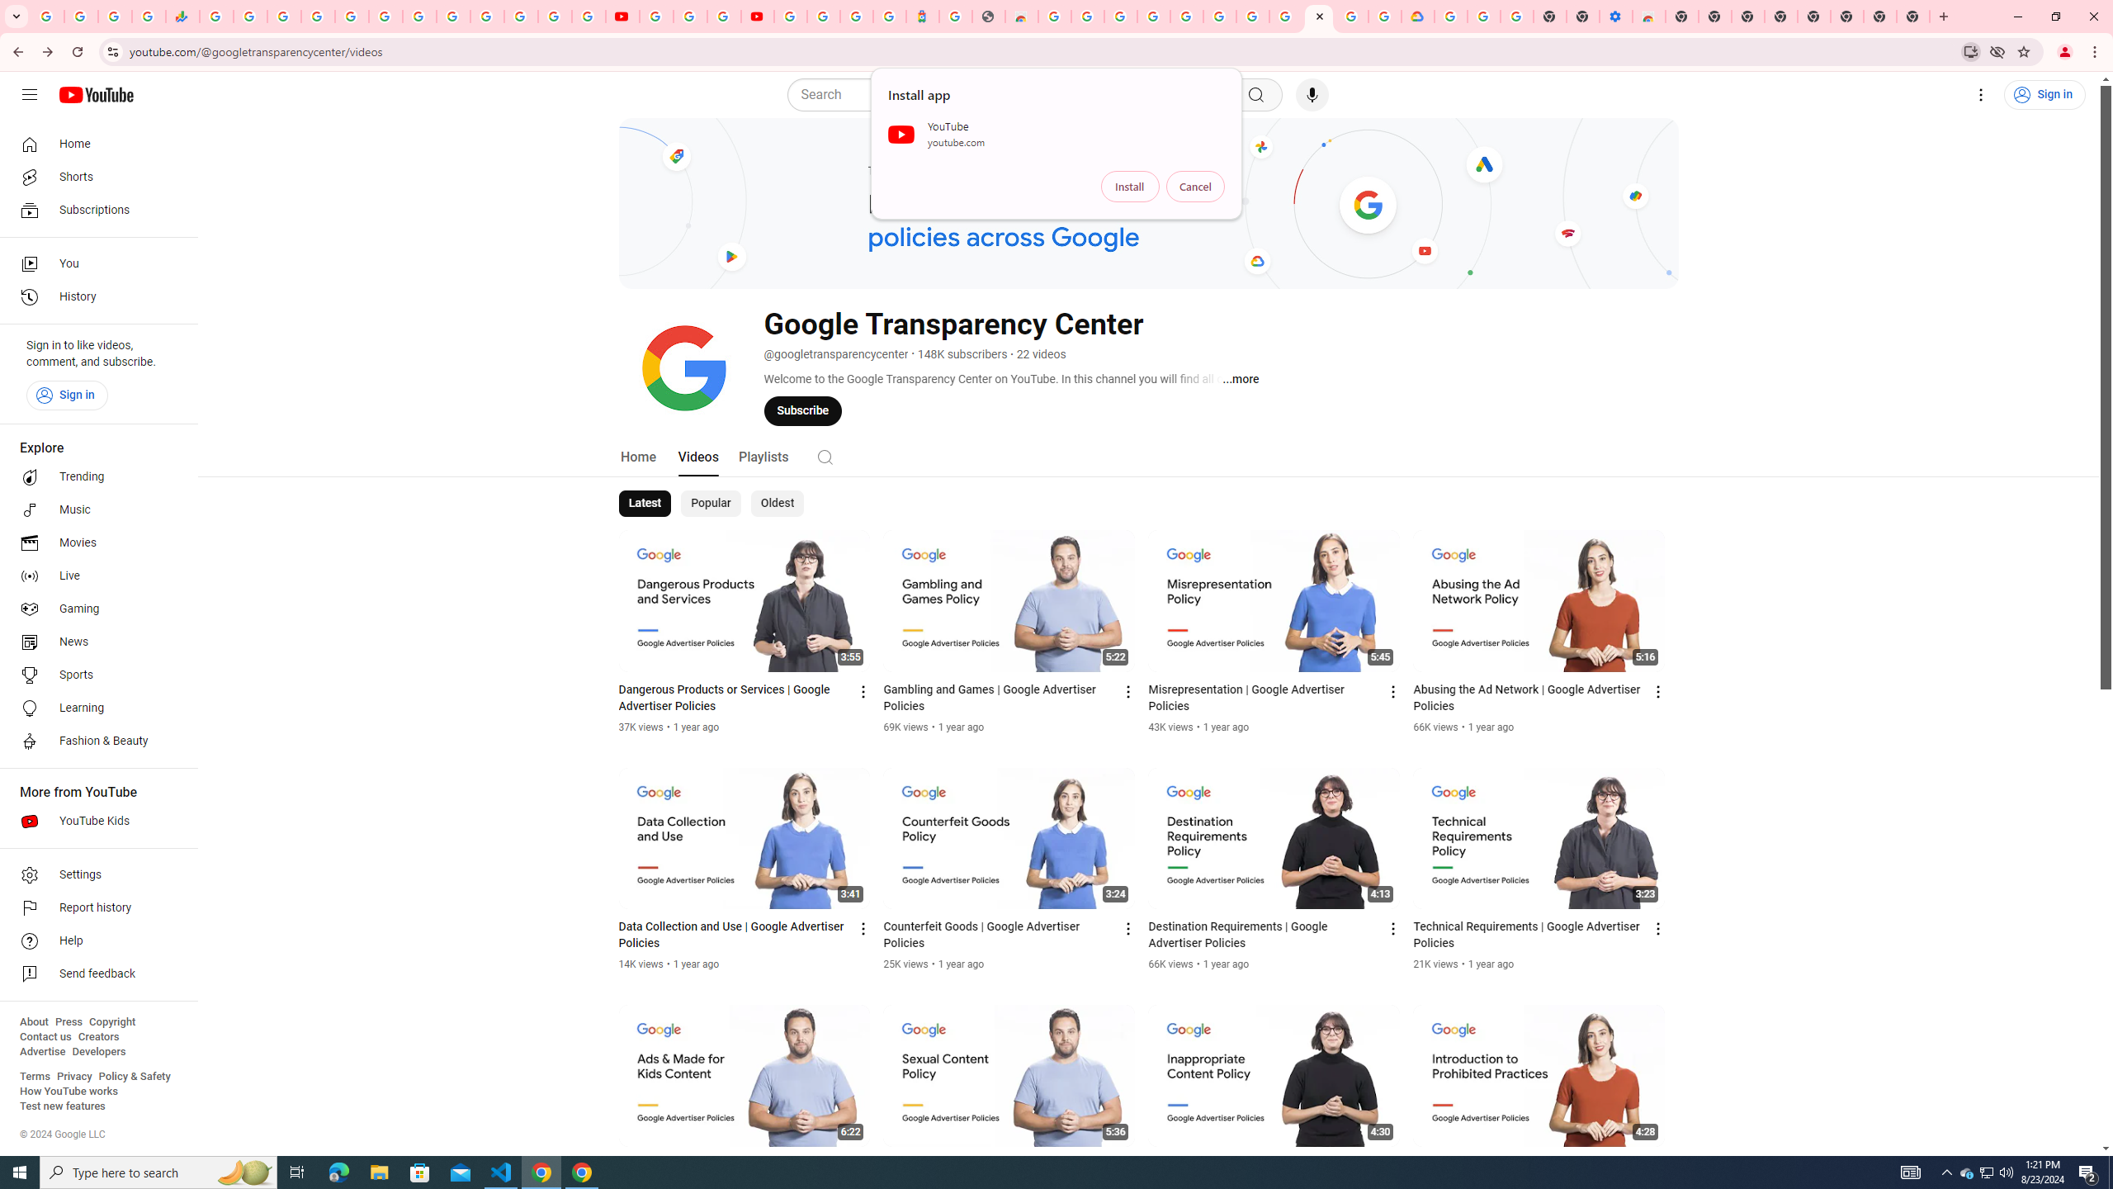 Image resolution: width=2113 pixels, height=1189 pixels. Describe the element at coordinates (34, 1075) in the screenshot. I see `'Terms'` at that location.